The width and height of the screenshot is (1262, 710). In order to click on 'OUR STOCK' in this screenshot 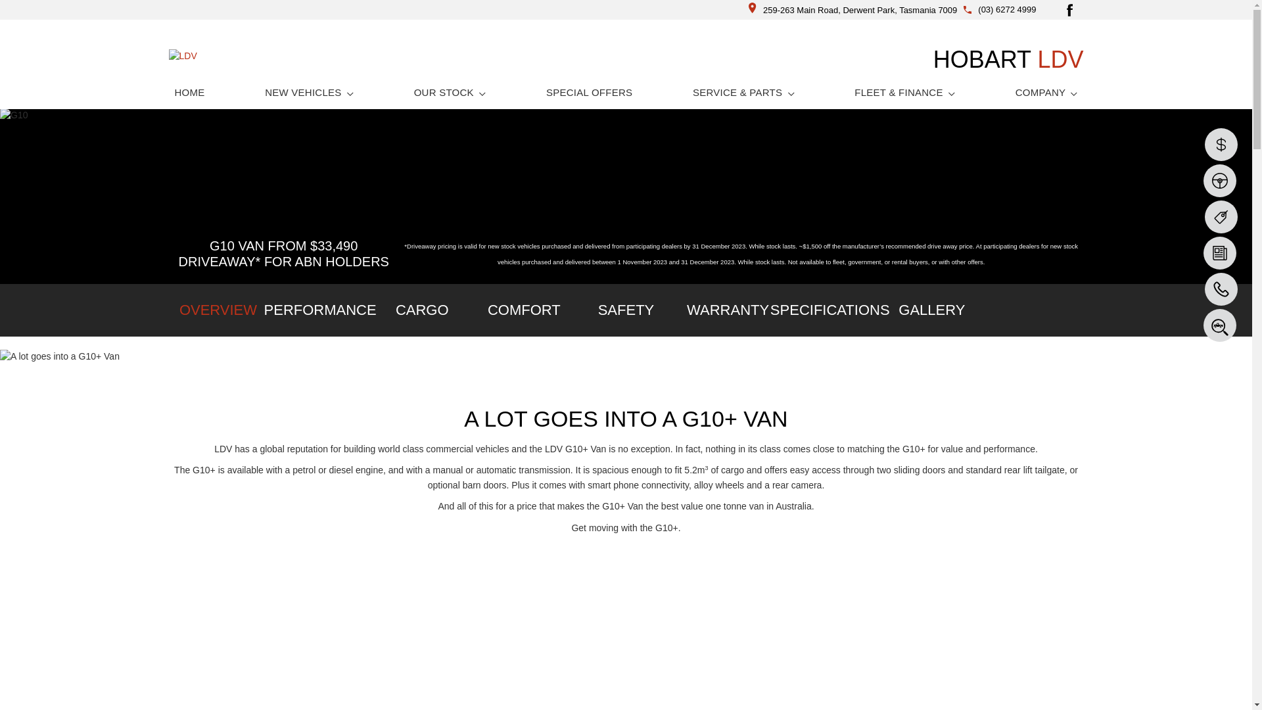, I will do `click(450, 91)`.